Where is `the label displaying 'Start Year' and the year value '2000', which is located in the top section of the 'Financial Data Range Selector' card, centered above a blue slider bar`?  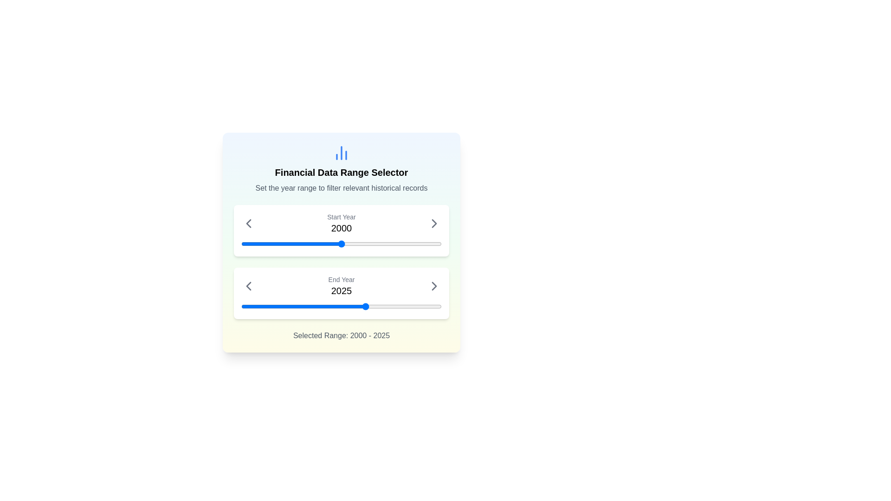
the label displaying 'Start Year' and the year value '2000', which is located in the top section of the 'Financial Data Range Selector' card, centered above a blue slider bar is located at coordinates (341, 224).